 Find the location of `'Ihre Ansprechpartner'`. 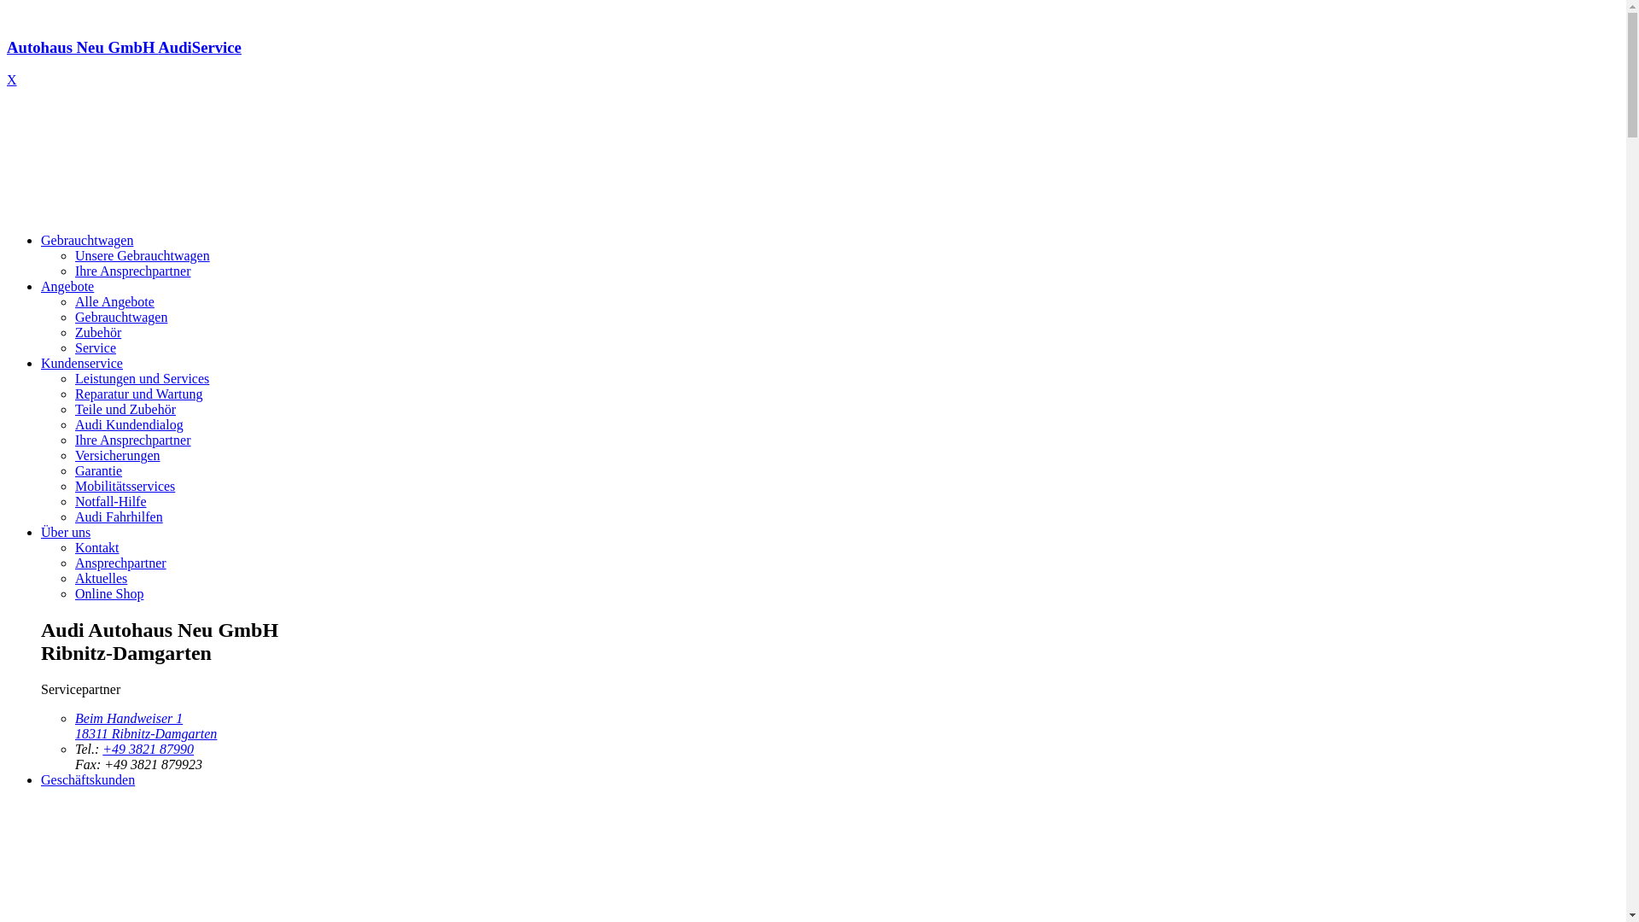

'Ihre Ansprechpartner' is located at coordinates (132, 270).